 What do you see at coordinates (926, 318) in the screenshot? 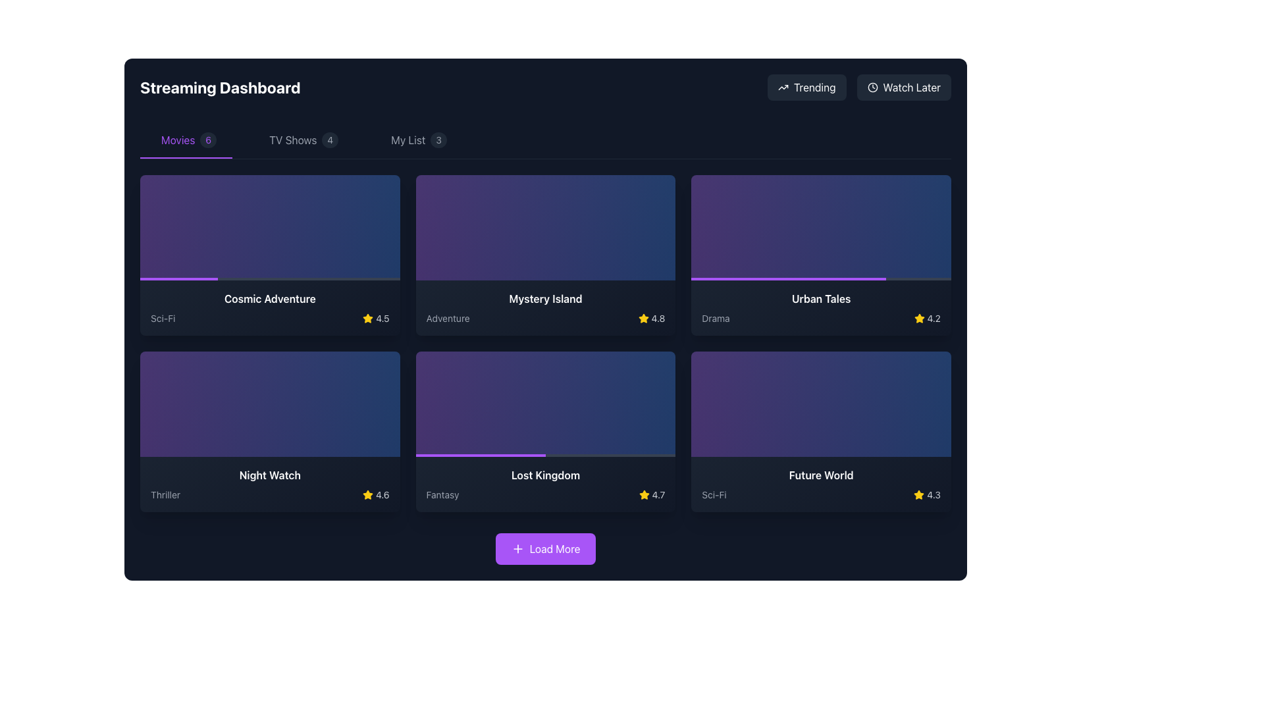
I see `the average user rating displayed for the 'Urban Tales' content in the 'Drama' section, located below the 'Urban Tales' card in the rightmost column of the top row` at bounding box center [926, 318].